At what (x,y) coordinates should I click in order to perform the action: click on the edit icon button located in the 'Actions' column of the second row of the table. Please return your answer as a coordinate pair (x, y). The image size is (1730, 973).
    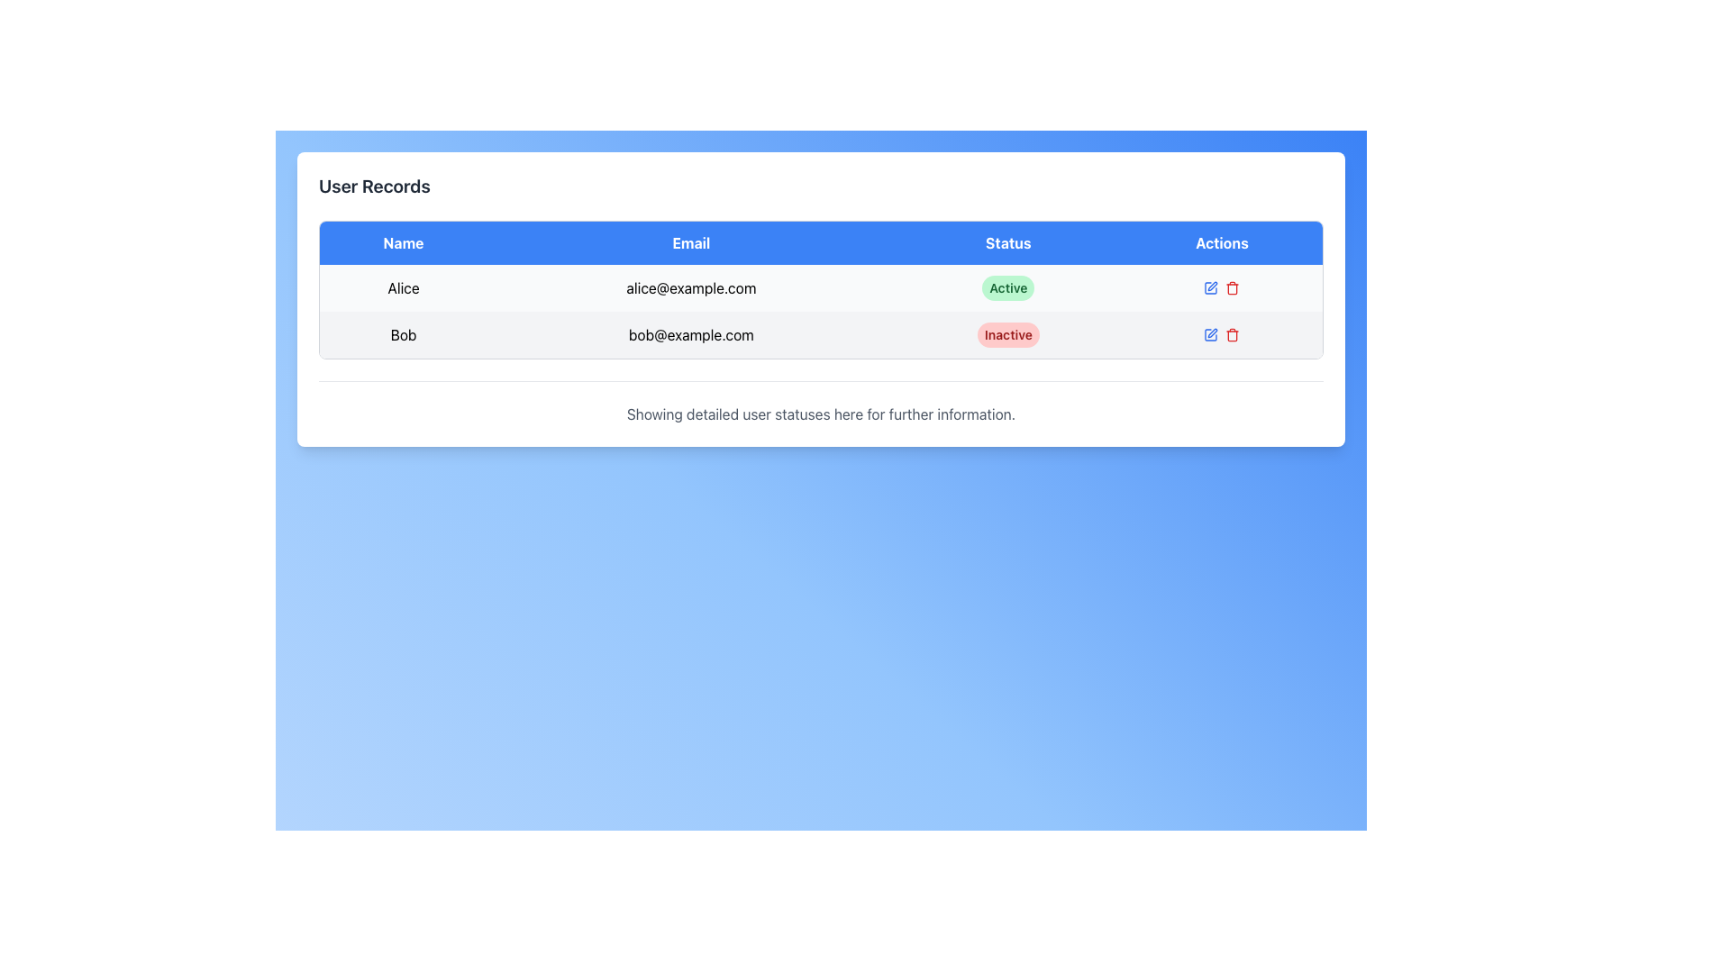
    Looking at the image, I should click on (1211, 334).